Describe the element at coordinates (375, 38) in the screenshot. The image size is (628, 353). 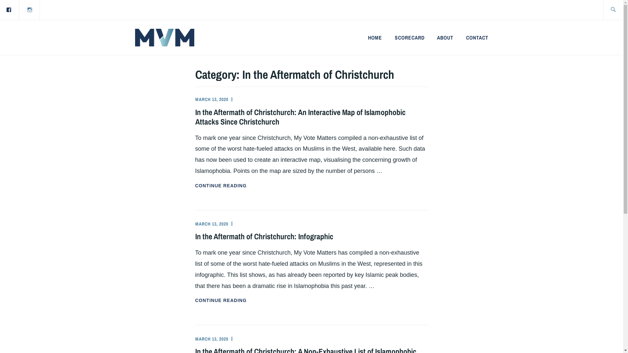
I see `'HOME'` at that location.